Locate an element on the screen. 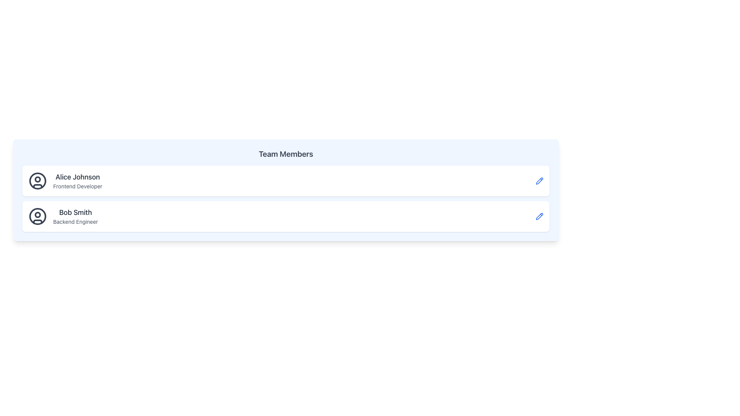 This screenshot has width=740, height=416. the edit icon button associated with 'Alice Johnson's profile' is located at coordinates (539, 181).